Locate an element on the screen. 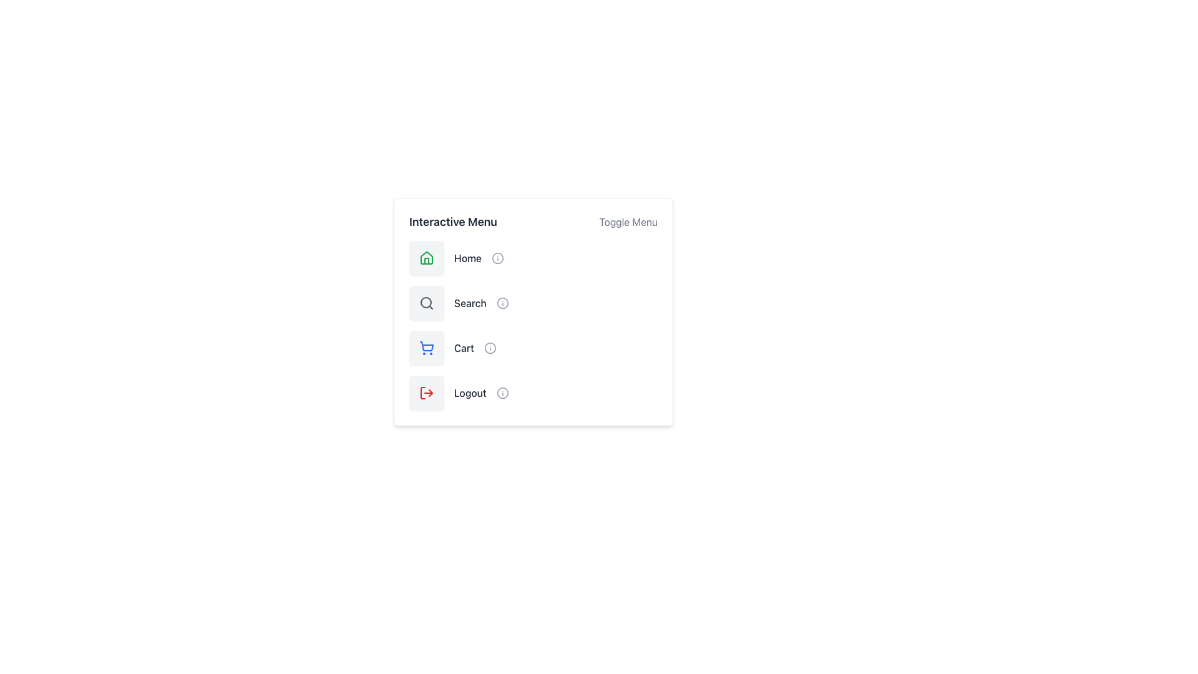 The height and width of the screenshot is (674, 1198). text of the 'Search' label, which is a medium-weight gray text (#808080) located in the menu structure between the 'Home' and 'Cart' labels is located at coordinates (469, 303).